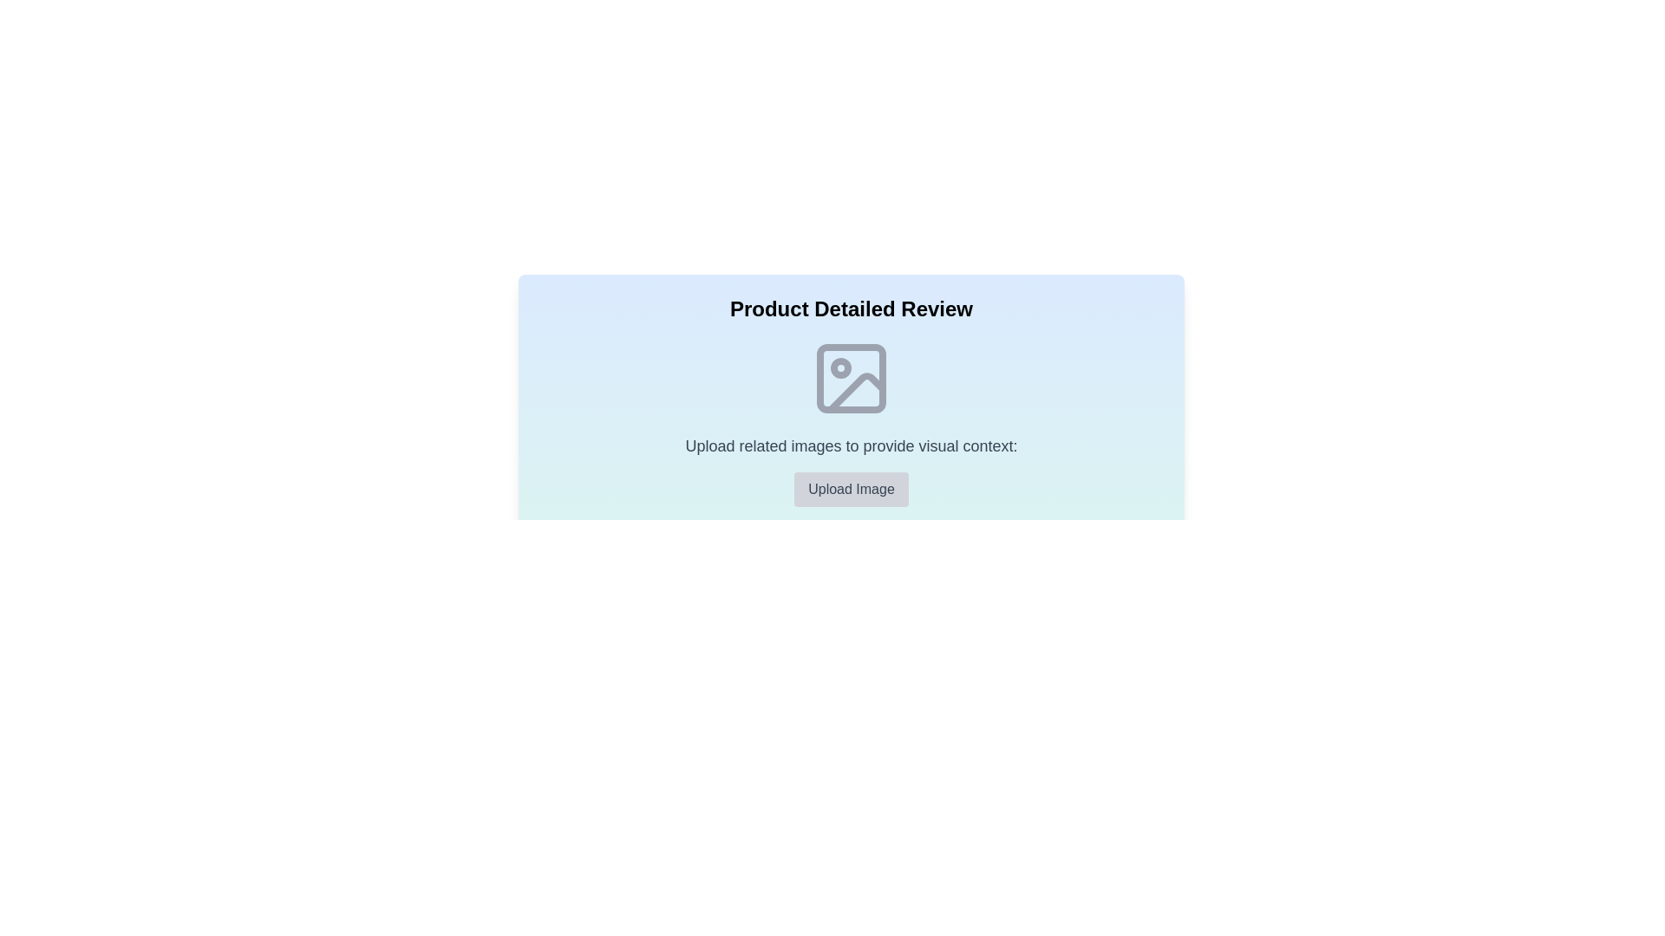 The width and height of the screenshot is (1665, 936). I want to click on the image placeholder at the center of the component, so click(852, 377).